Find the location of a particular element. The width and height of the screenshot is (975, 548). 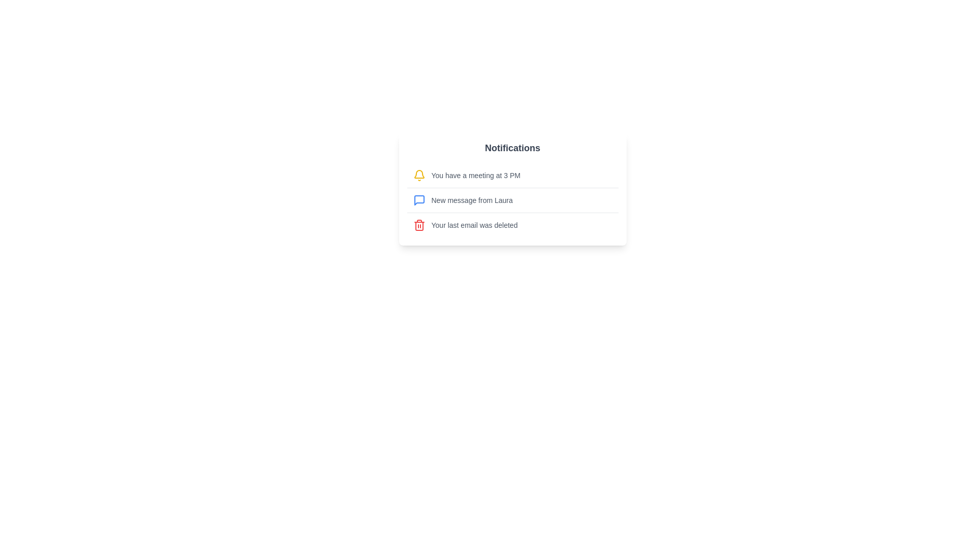

the text label that reads 'You have a meeting at 3 PM', which is the first notification message located to the right of the bell icon in the notification box is located at coordinates (475, 175).